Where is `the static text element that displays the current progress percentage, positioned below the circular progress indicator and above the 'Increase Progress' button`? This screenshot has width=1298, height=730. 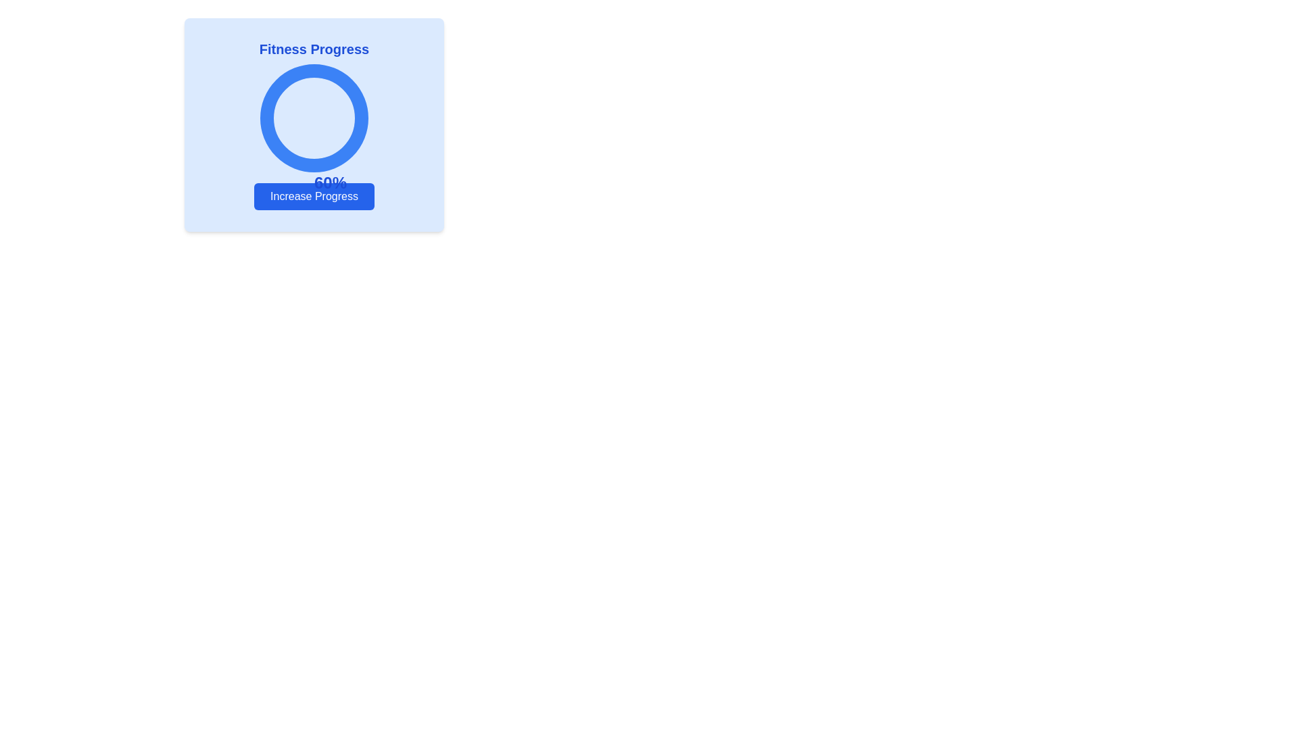
the static text element that displays the current progress percentage, positioned below the circular progress indicator and above the 'Increase Progress' button is located at coordinates (331, 182).